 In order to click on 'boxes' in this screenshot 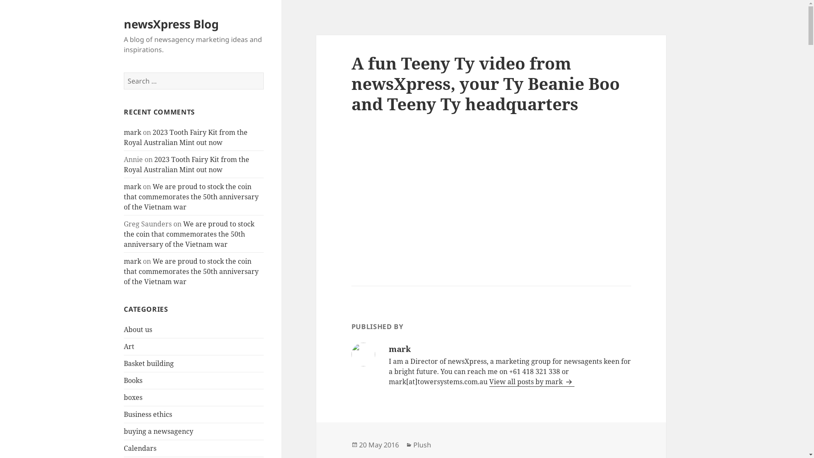, I will do `click(132, 397)`.